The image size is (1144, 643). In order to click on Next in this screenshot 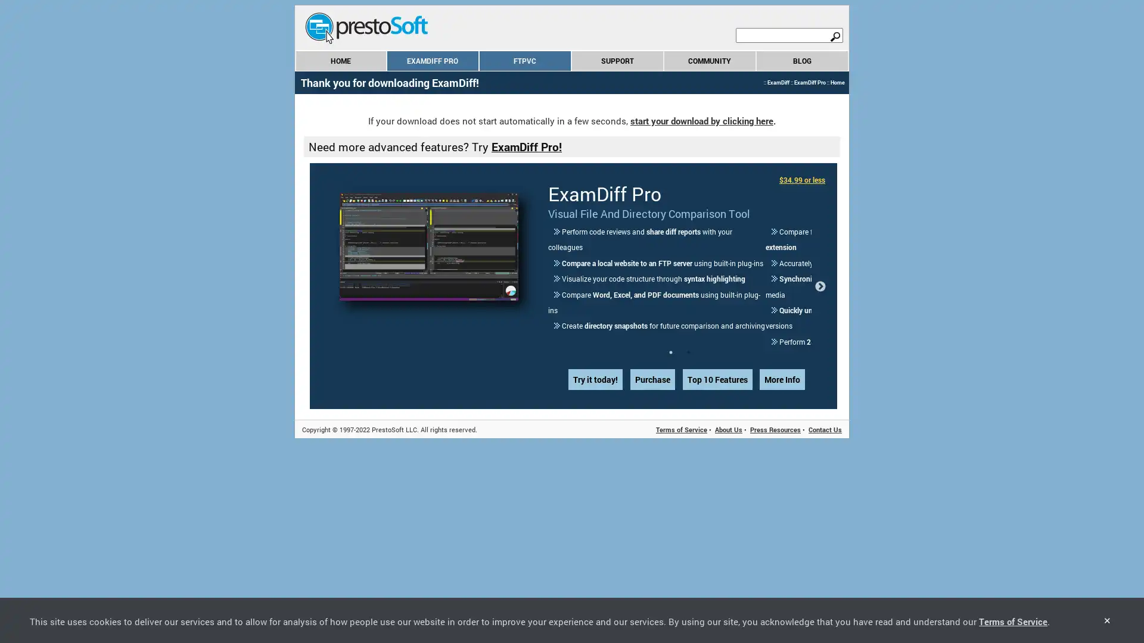, I will do `click(819, 261)`.